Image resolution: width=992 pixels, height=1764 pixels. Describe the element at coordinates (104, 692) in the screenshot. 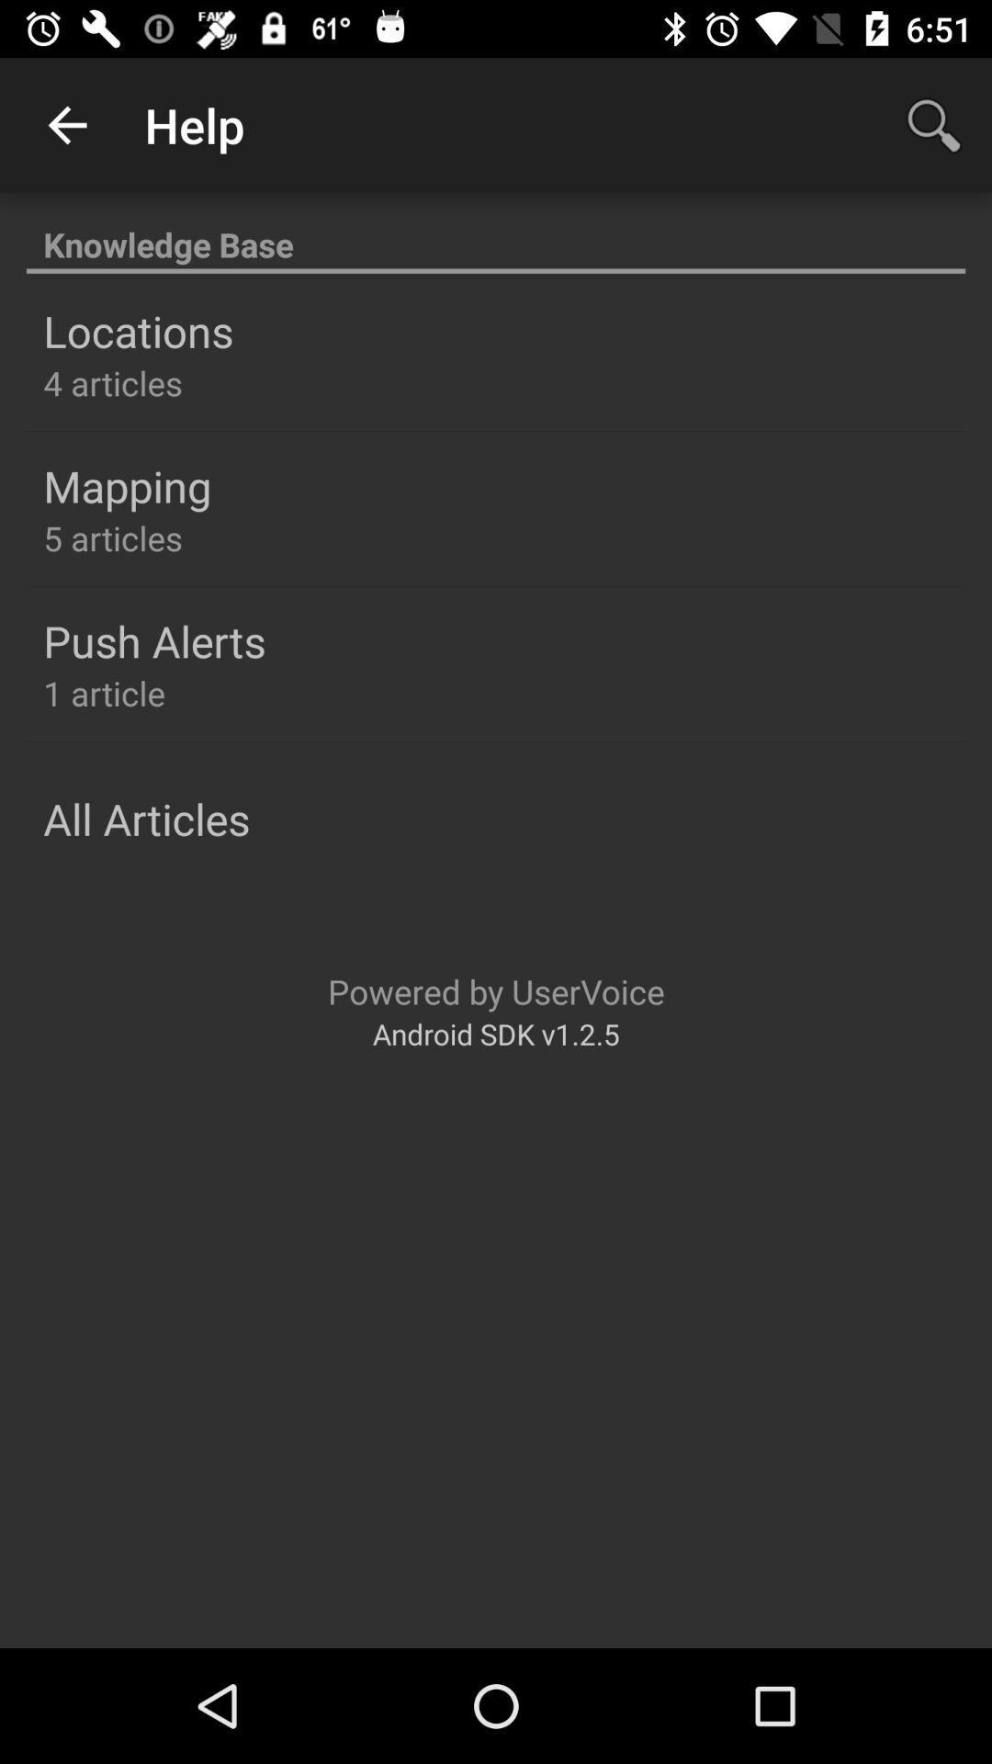

I see `the 1 article icon` at that location.